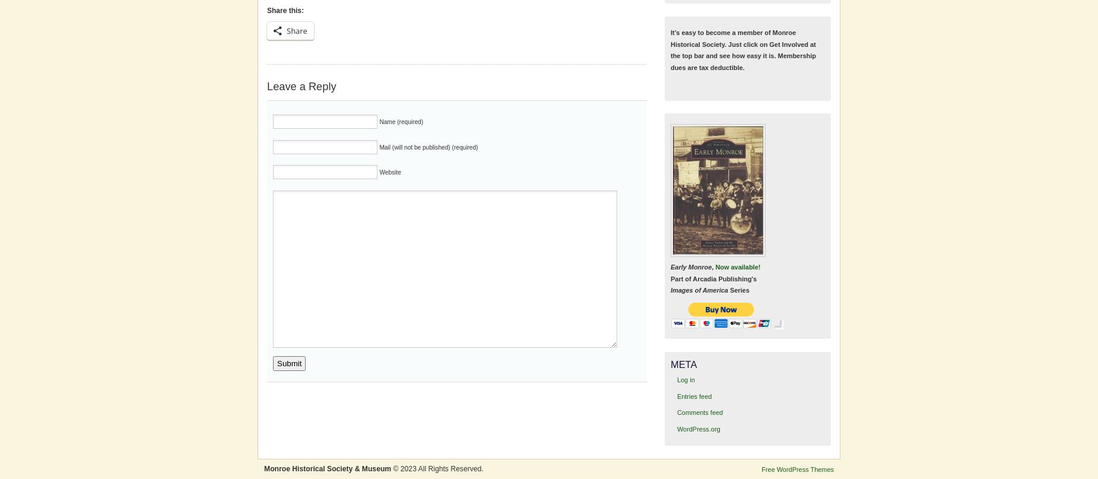  Describe the element at coordinates (328, 468) in the screenshot. I see `'Monroe Historical Society & Museum'` at that location.